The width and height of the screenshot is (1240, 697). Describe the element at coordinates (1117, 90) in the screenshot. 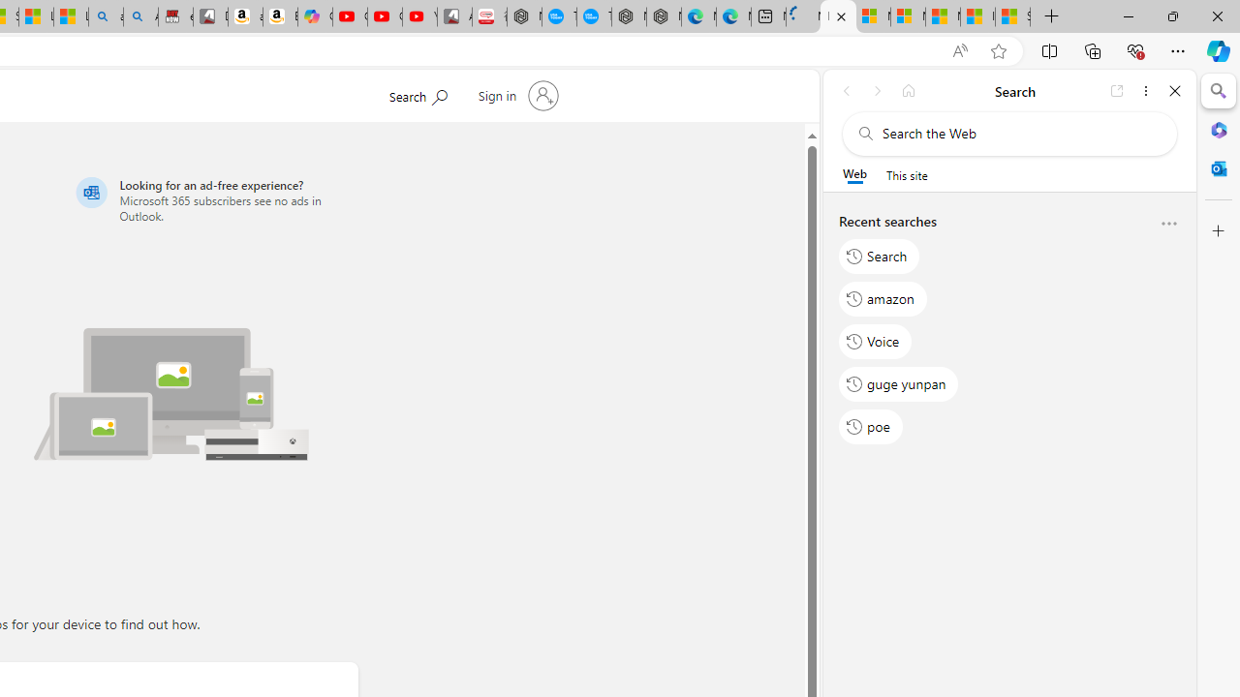

I see `'Open link in new tab'` at that location.